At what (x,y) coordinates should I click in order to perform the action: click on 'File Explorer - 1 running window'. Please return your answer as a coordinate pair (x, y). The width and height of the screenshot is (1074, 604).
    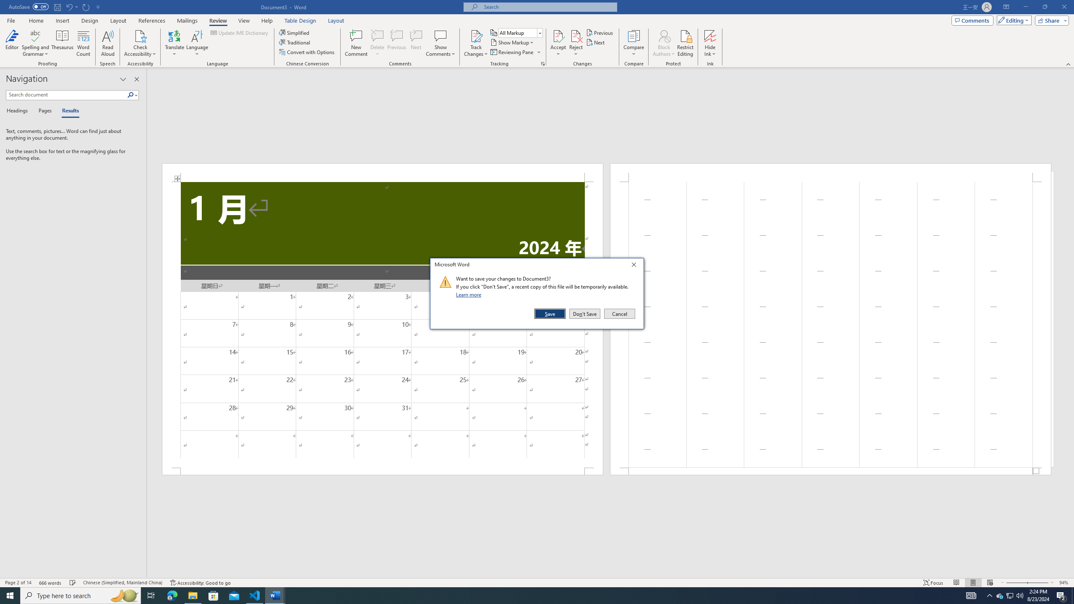
    Looking at the image, I should click on (192, 595).